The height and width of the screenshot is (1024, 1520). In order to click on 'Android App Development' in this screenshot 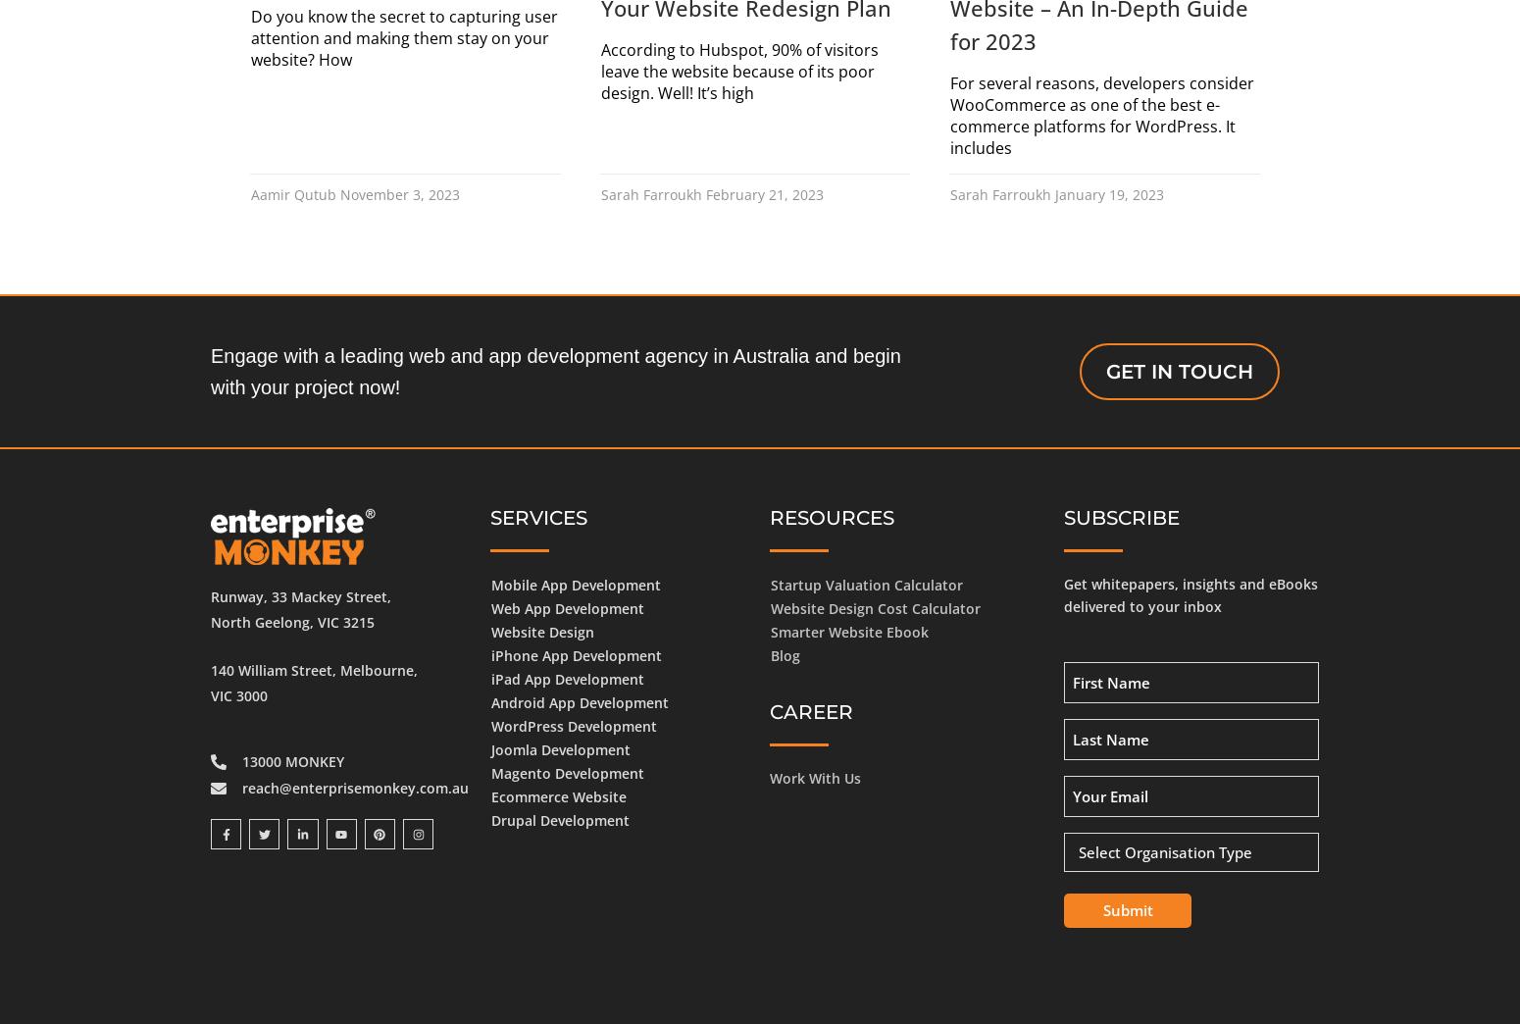, I will do `click(580, 701)`.